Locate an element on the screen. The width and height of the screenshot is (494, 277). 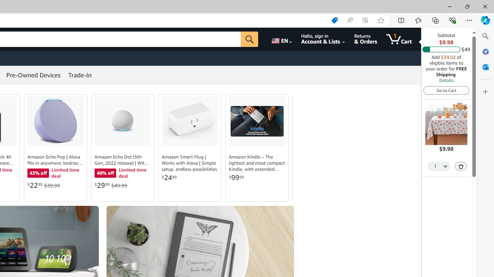
'Quantity Selector' is located at coordinates (439, 165).